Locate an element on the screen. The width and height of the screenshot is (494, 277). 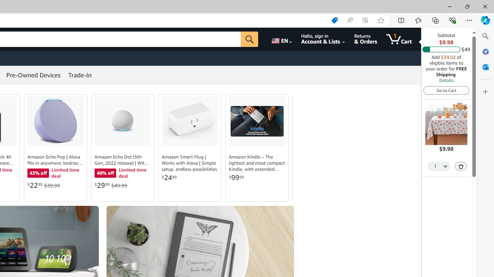
'Quantity Selector' is located at coordinates (439, 165).